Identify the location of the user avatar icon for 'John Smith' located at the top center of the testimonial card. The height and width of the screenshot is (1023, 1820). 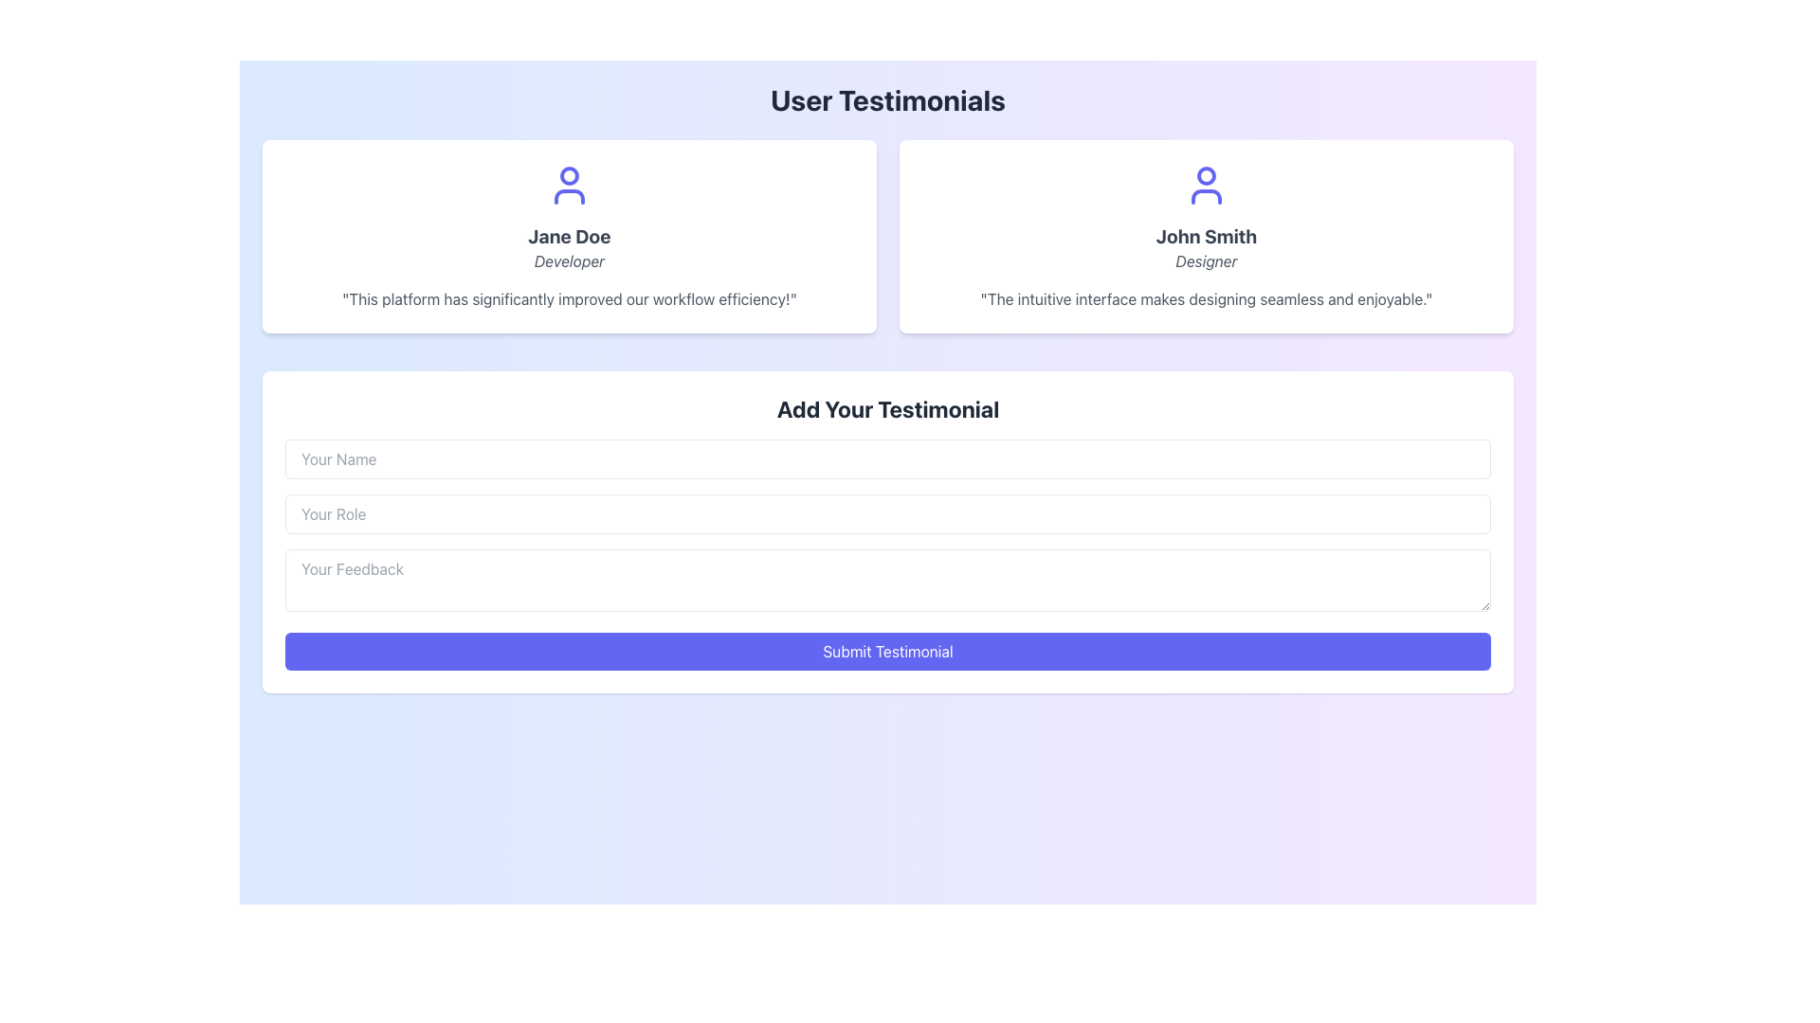
(1205, 186).